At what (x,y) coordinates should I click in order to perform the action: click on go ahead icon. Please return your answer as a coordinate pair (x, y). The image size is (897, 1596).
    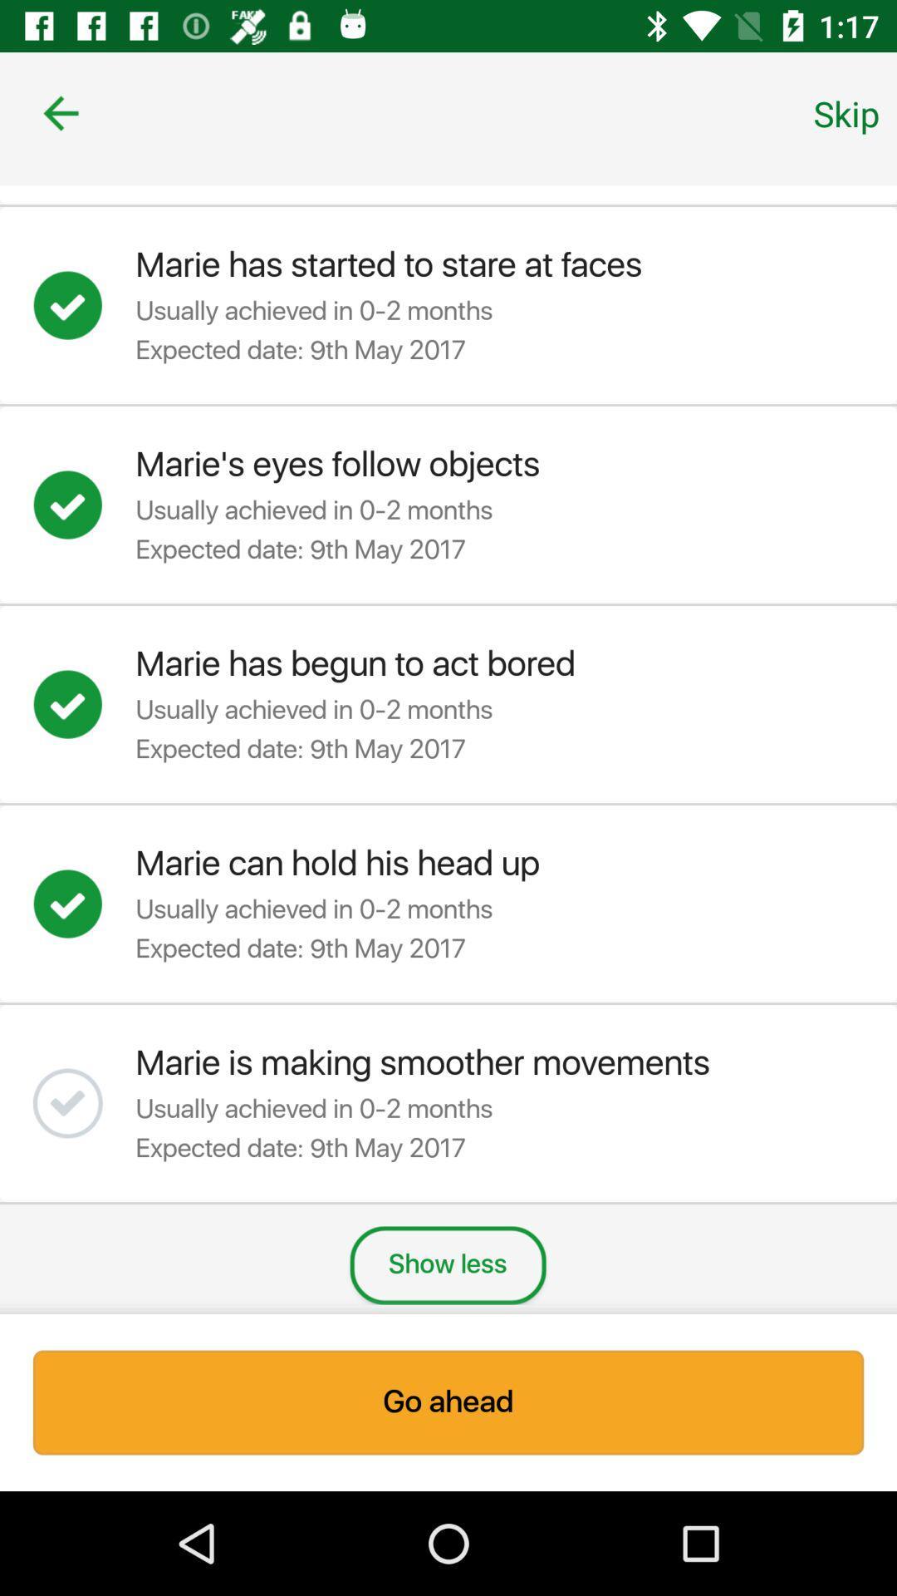
    Looking at the image, I should click on (448, 1401).